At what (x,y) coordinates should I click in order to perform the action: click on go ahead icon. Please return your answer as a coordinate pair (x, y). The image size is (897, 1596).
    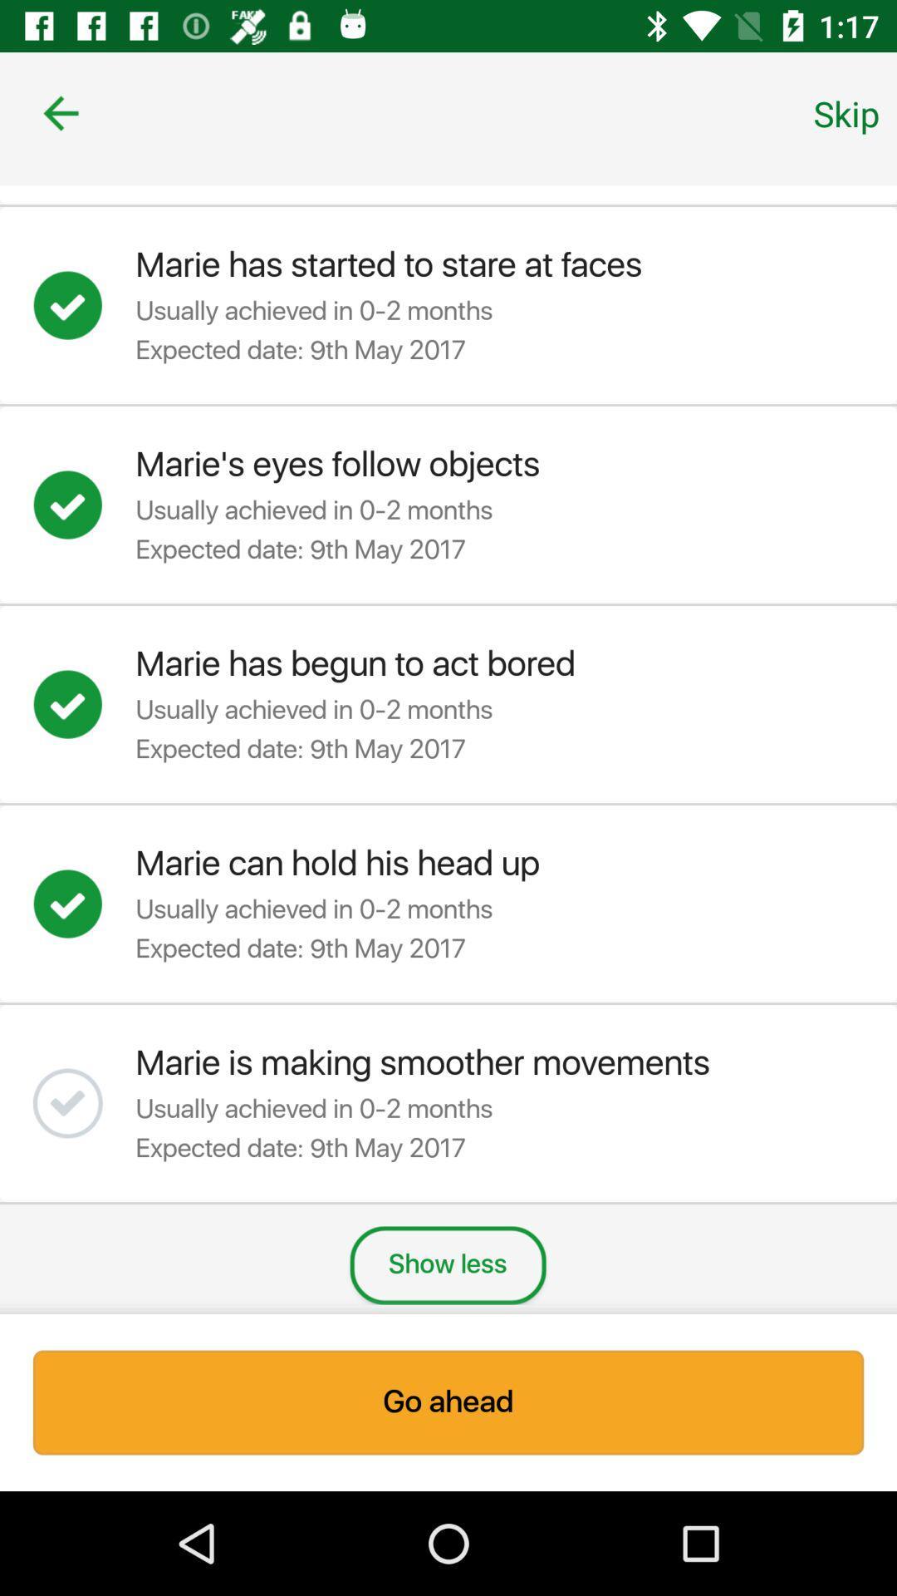
    Looking at the image, I should click on (448, 1401).